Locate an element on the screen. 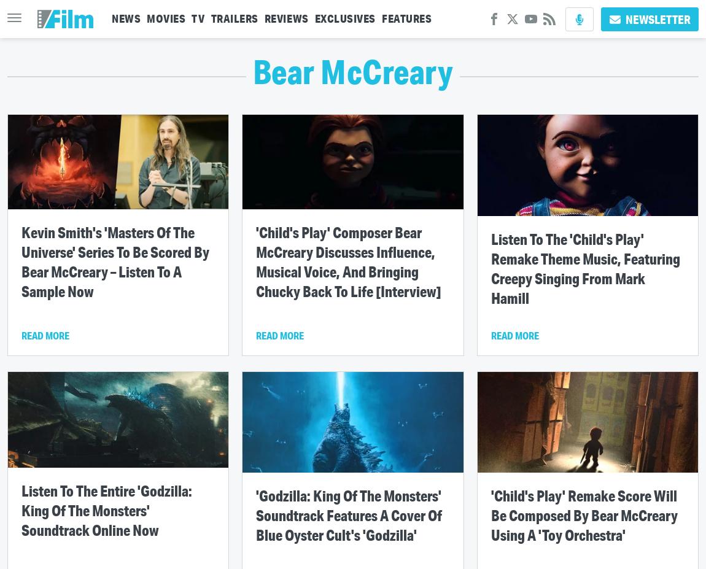 The height and width of the screenshot is (569, 706). 'TRAILERS' is located at coordinates (234, 18).